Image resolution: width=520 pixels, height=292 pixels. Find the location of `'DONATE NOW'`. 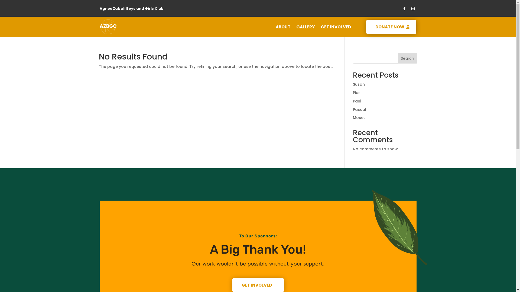

'DONATE NOW' is located at coordinates (391, 27).